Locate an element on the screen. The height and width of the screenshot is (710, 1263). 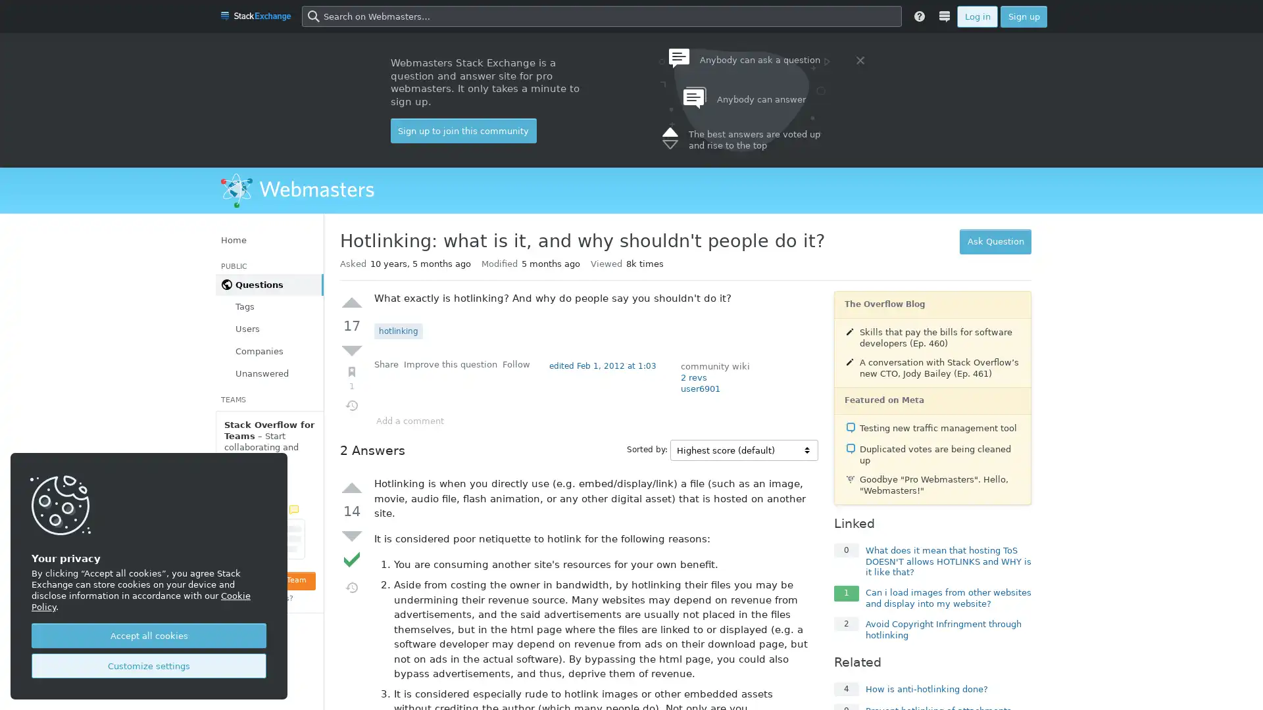
Add a comment is located at coordinates (409, 421).